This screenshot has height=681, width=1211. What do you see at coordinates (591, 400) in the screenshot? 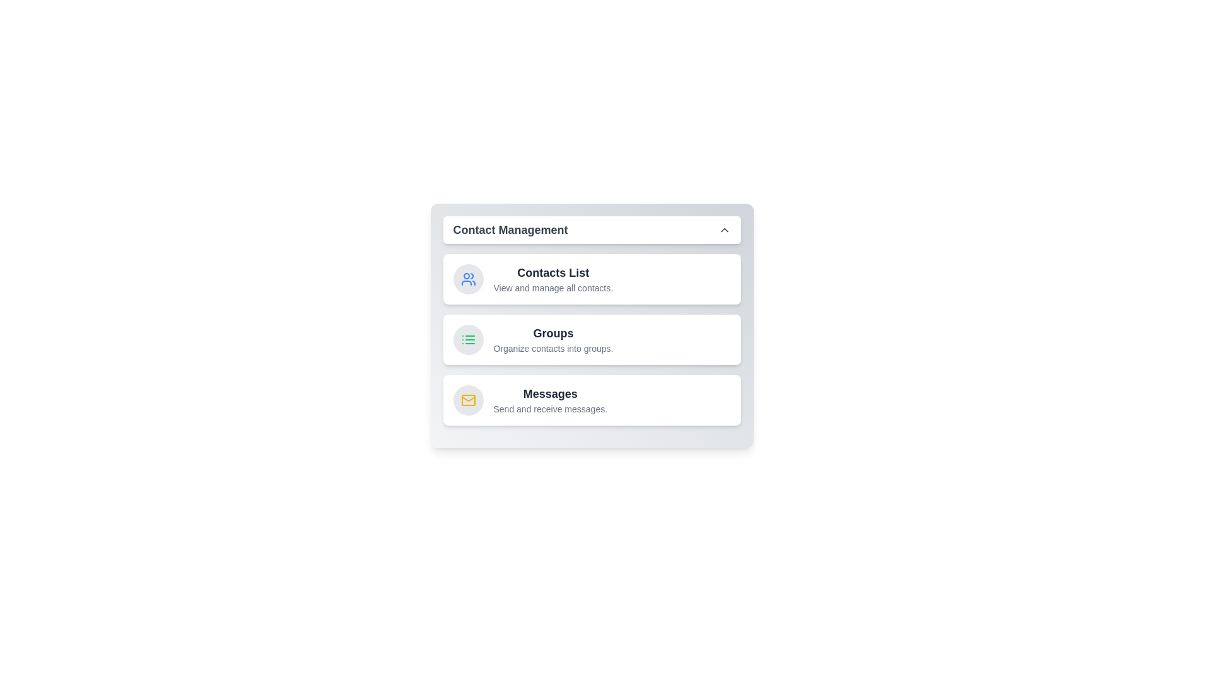
I see `the menu item Messages to view its hover effect` at bounding box center [591, 400].